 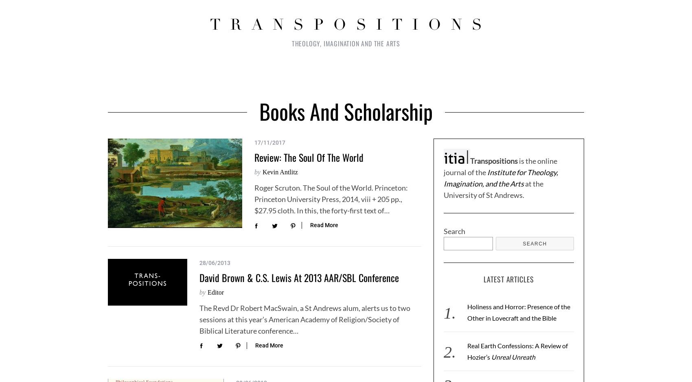 What do you see at coordinates (280, 172) in the screenshot?
I see `'Kevin Antlitz'` at bounding box center [280, 172].